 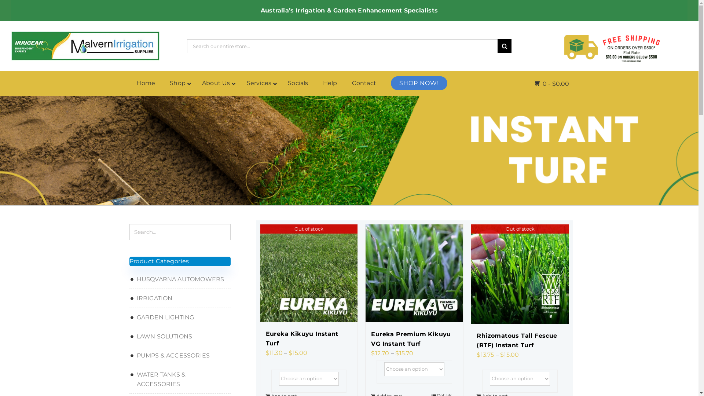 I want to click on 'Help', so click(x=330, y=83).